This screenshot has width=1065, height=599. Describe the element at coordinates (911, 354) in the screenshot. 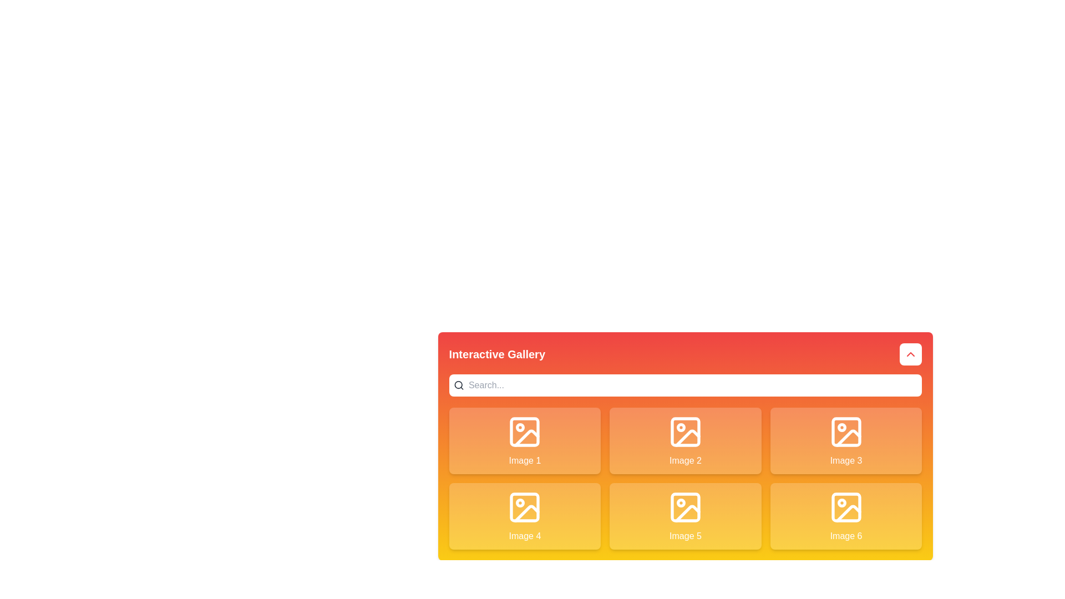

I see `the button in the top-right corner of the 'Interactive Gallery' section header, which is indicated by the upward-pointing chevron icon, to change its background color` at that location.